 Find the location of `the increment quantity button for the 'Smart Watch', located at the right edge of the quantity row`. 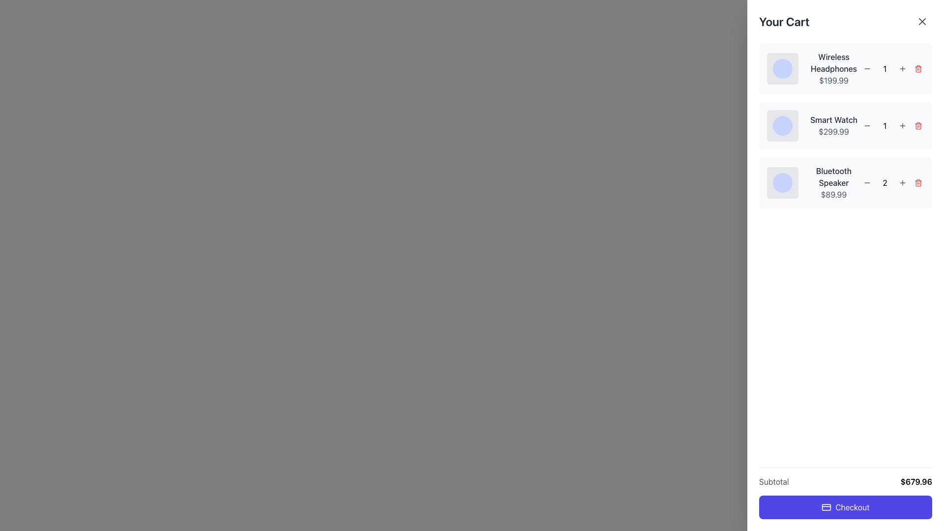

the increment quantity button for the 'Smart Watch', located at the right edge of the quantity row is located at coordinates (903, 125).